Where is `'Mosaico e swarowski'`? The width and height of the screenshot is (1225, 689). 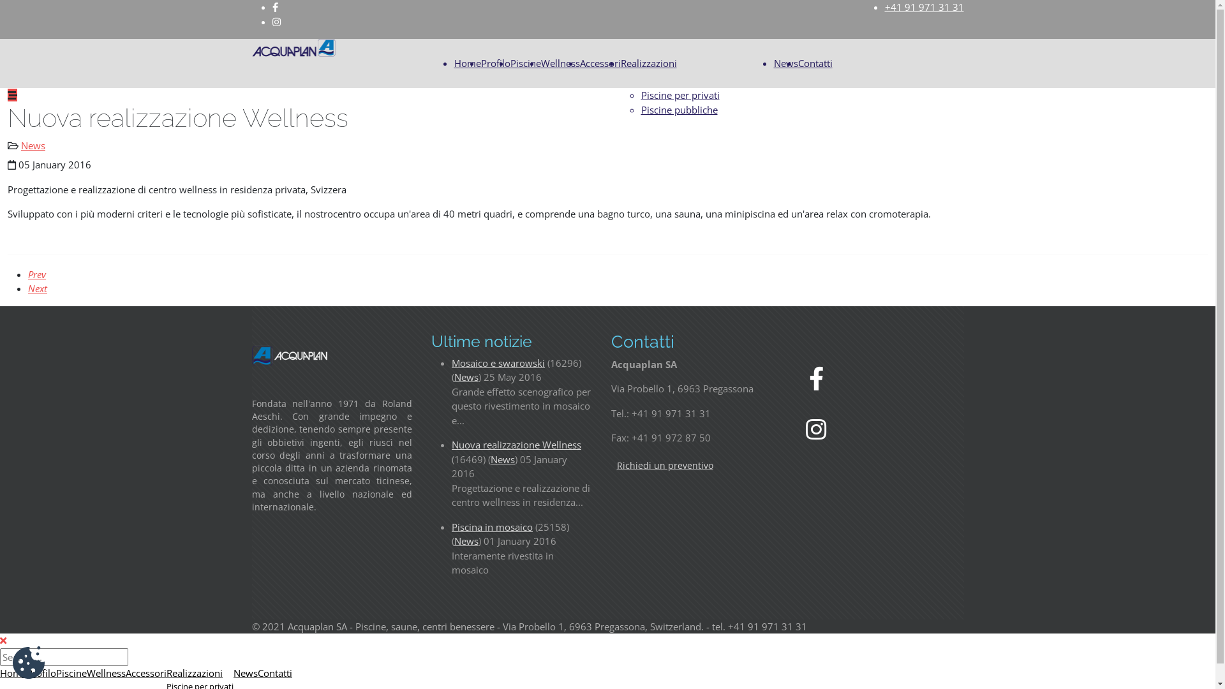
'Mosaico e swarowski' is located at coordinates (498, 362).